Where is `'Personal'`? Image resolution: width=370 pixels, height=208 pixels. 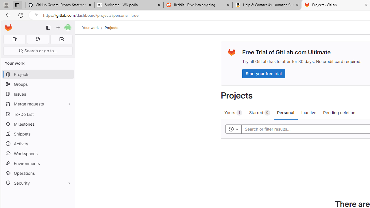
'Personal' is located at coordinates (286, 112).